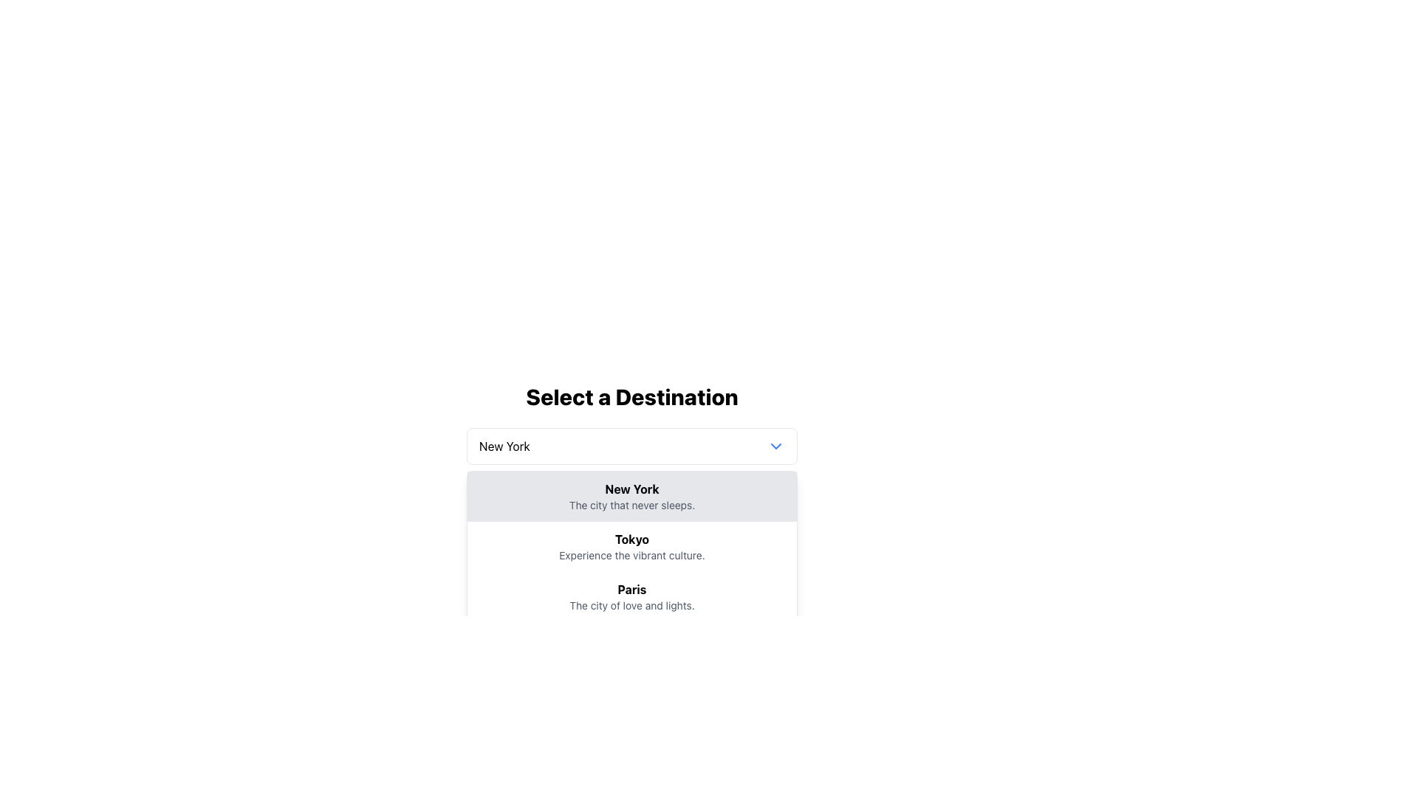 This screenshot has width=1418, height=797. Describe the element at coordinates (631, 555) in the screenshot. I see `the descriptive text element located immediately below the 'Tokyo' text, which provides additional context about the 'Tokyo' destination` at that location.